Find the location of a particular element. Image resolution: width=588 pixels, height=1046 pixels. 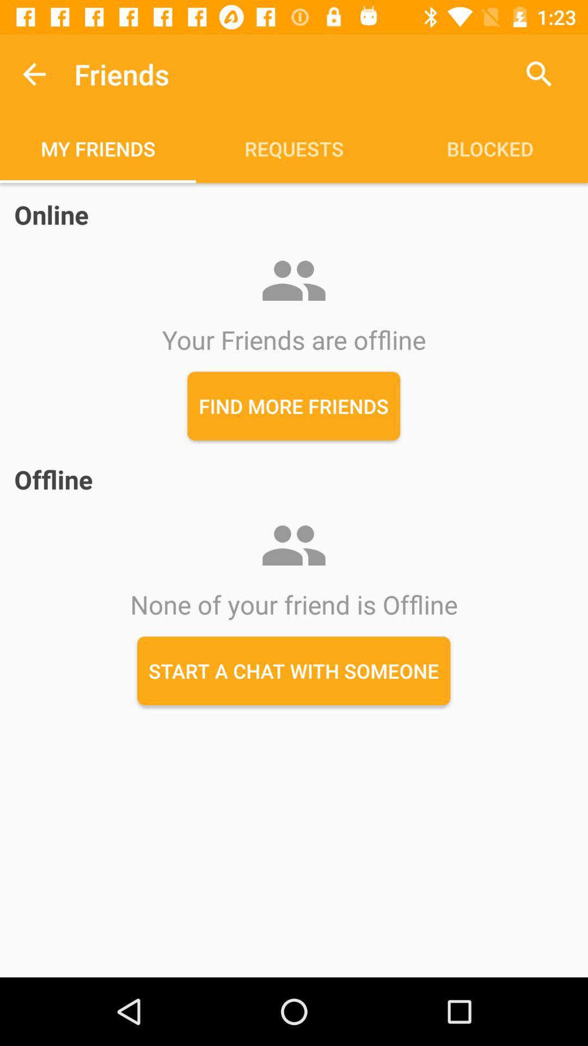

icon next to the friends icon is located at coordinates (33, 74).